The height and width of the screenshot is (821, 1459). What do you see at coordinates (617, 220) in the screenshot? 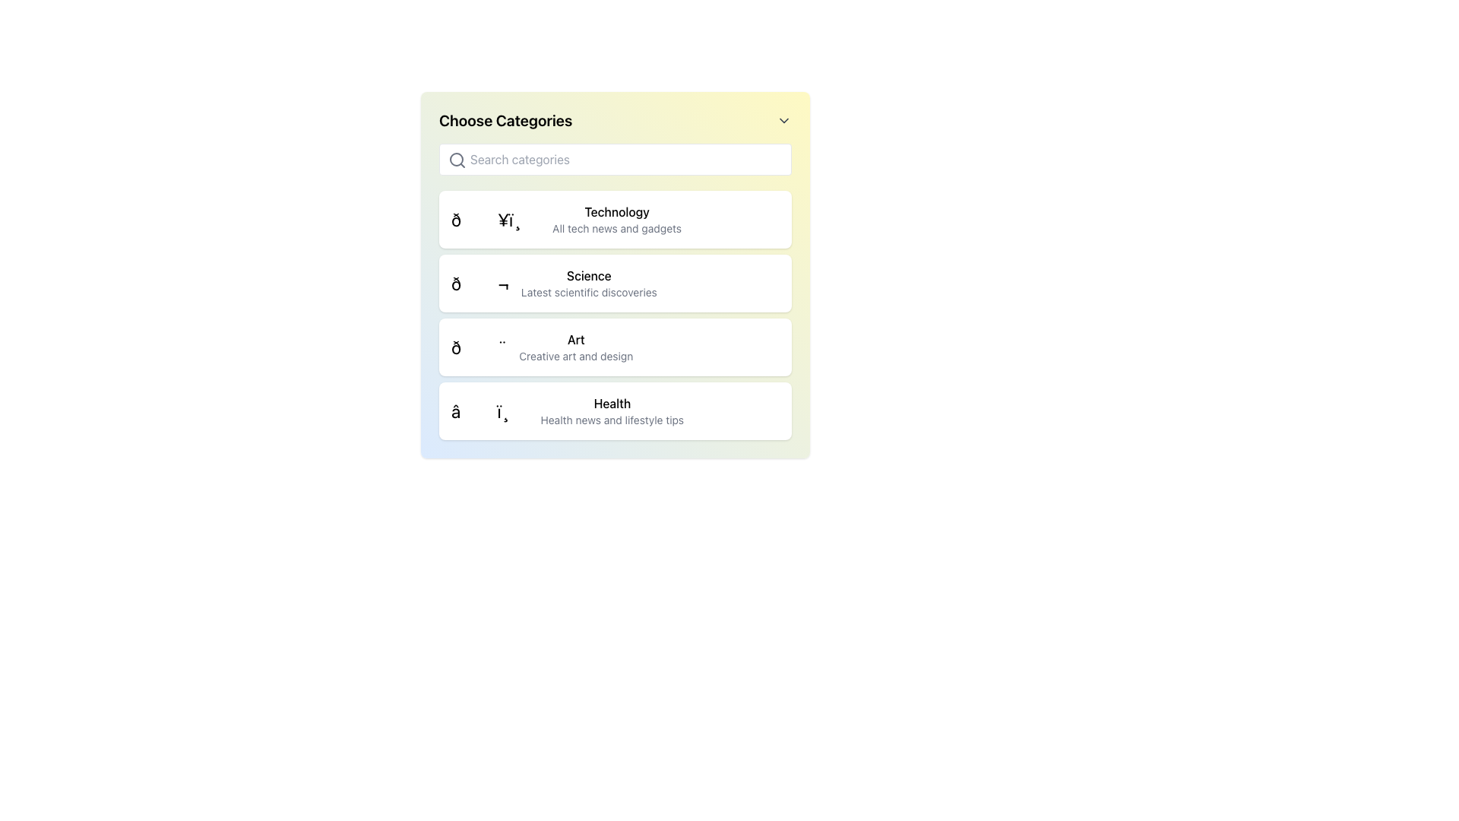
I see `the 'Technology' text content block` at bounding box center [617, 220].